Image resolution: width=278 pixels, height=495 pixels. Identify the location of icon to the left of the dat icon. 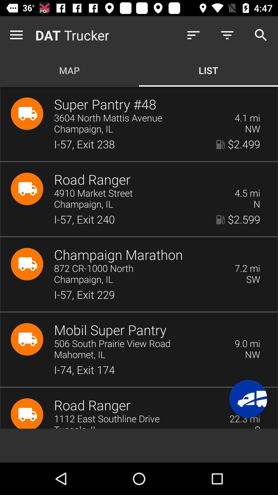
(17, 35).